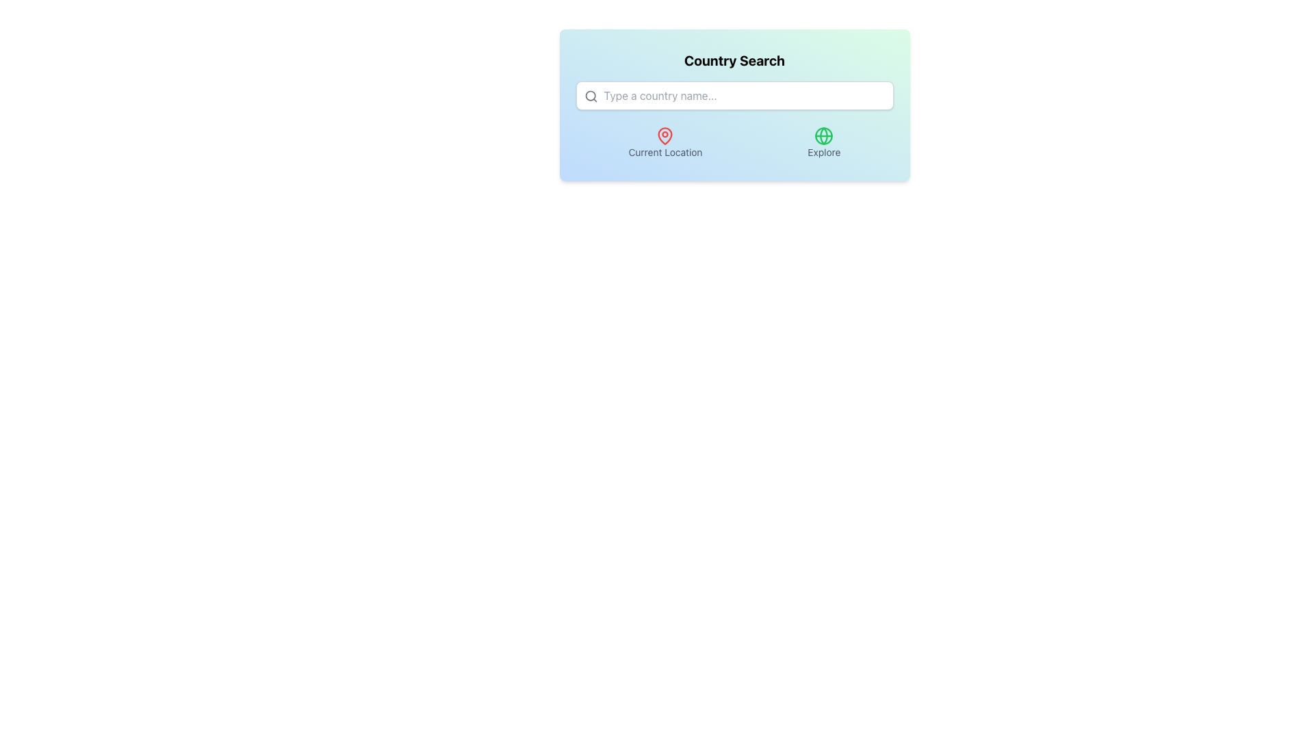  What do you see at coordinates (591, 96) in the screenshot?
I see `the small magnifying glass icon located at the left side of the search input box, which is aligned with the placeholder text 'Type a country name...'` at bounding box center [591, 96].